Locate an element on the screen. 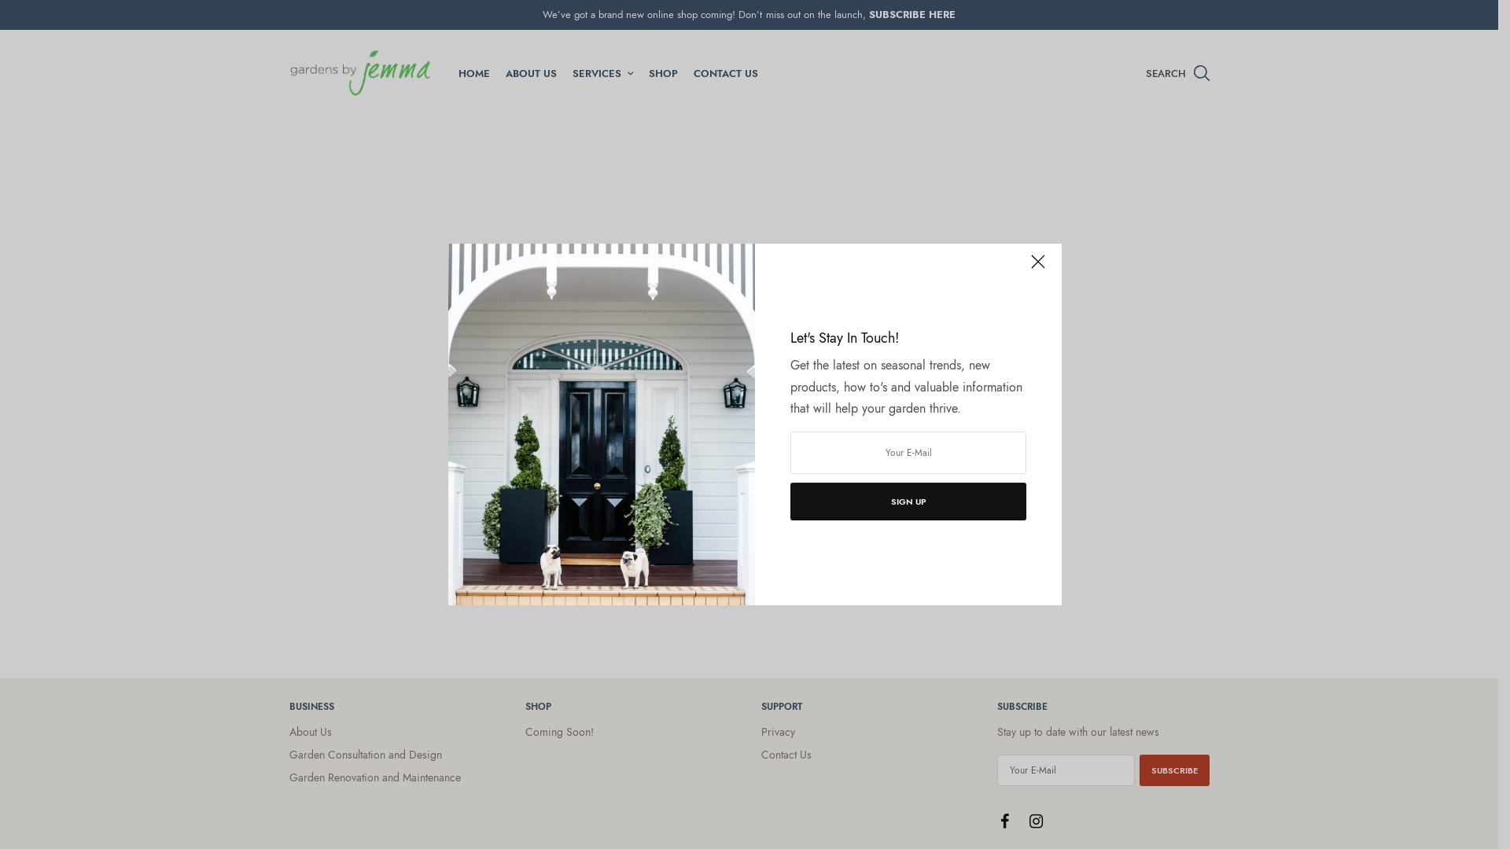  'SERVICES' is located at coordinates (602, 73).